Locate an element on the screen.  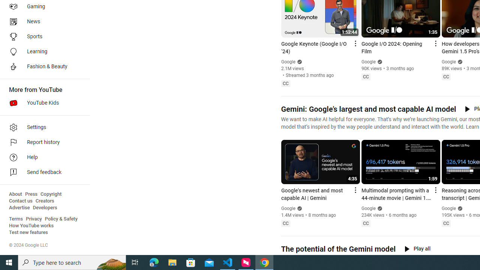
'Sports' is located at coordinates (42, 36).